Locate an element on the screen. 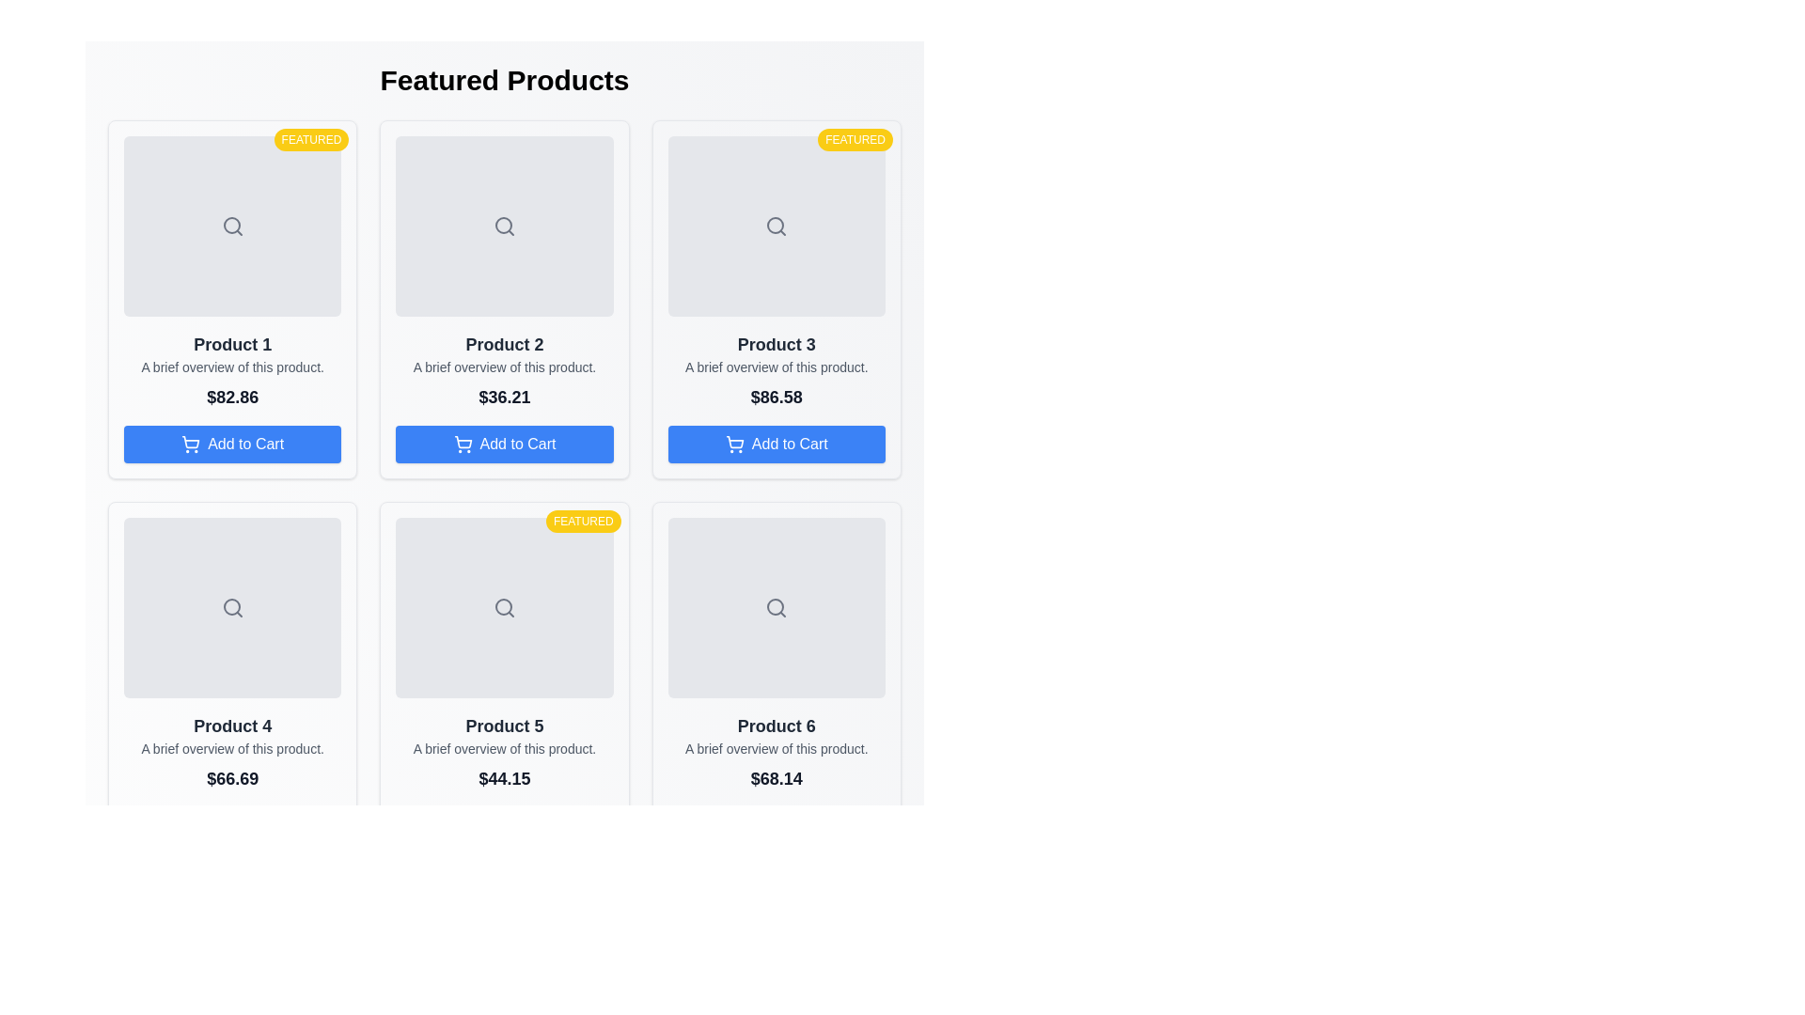 This screenshot has width=1805, height=1015. the search or zoom icon located in the center of the third product card from the left in the top row of the grid layout is located at coordinates (777, 225).